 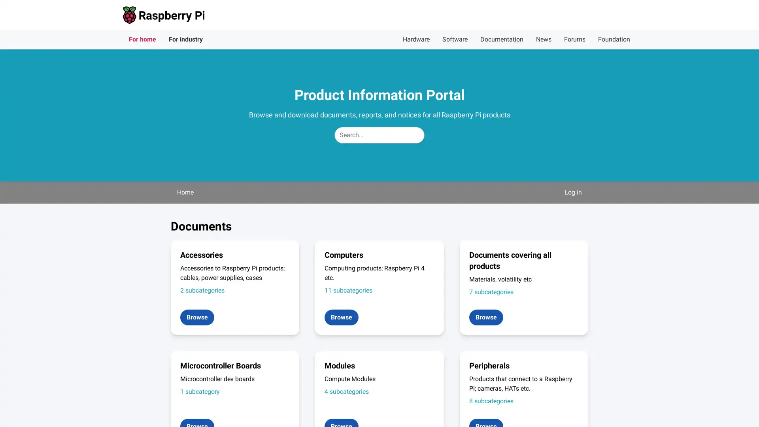 I want to click on Search, so click(x=424, y=126).